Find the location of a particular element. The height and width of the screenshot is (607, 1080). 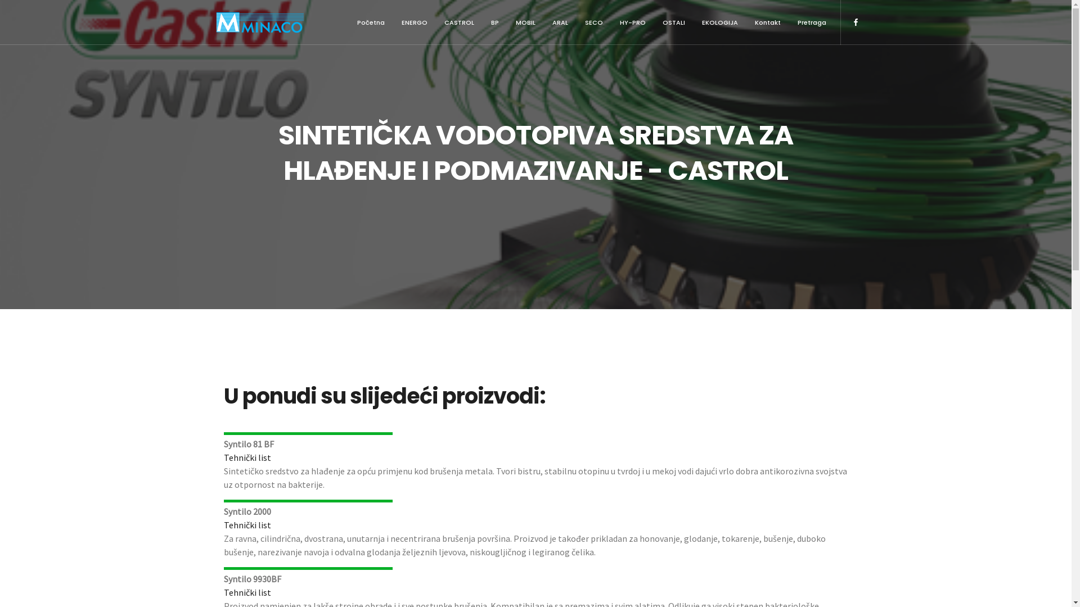

'EKOLOGIJA' is located at coordinates (692, 22).